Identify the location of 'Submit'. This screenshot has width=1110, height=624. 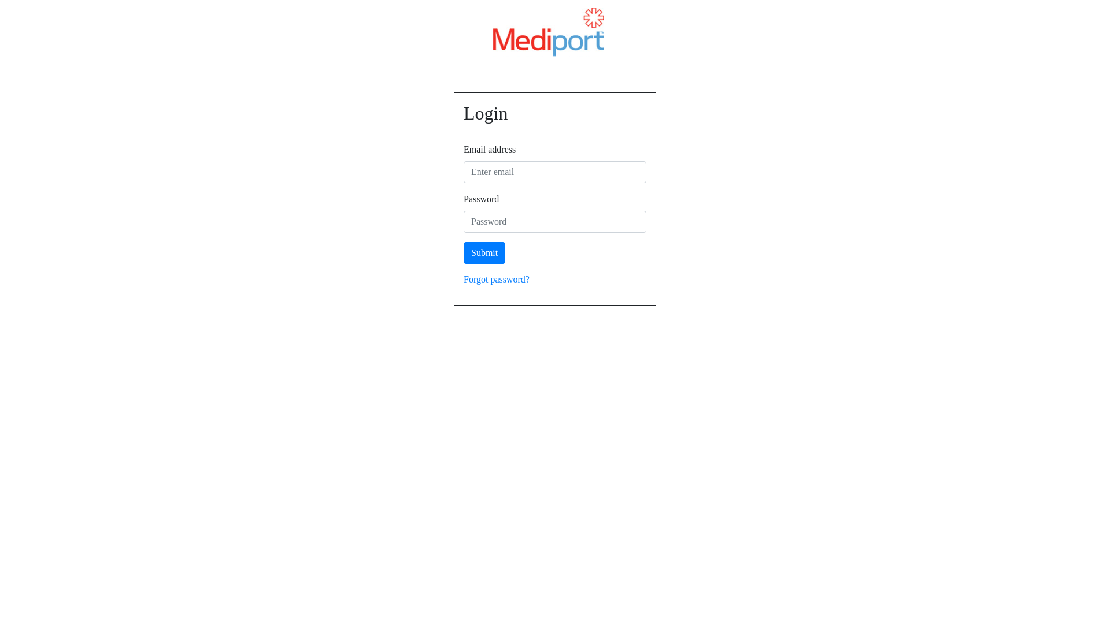
(484, 252).